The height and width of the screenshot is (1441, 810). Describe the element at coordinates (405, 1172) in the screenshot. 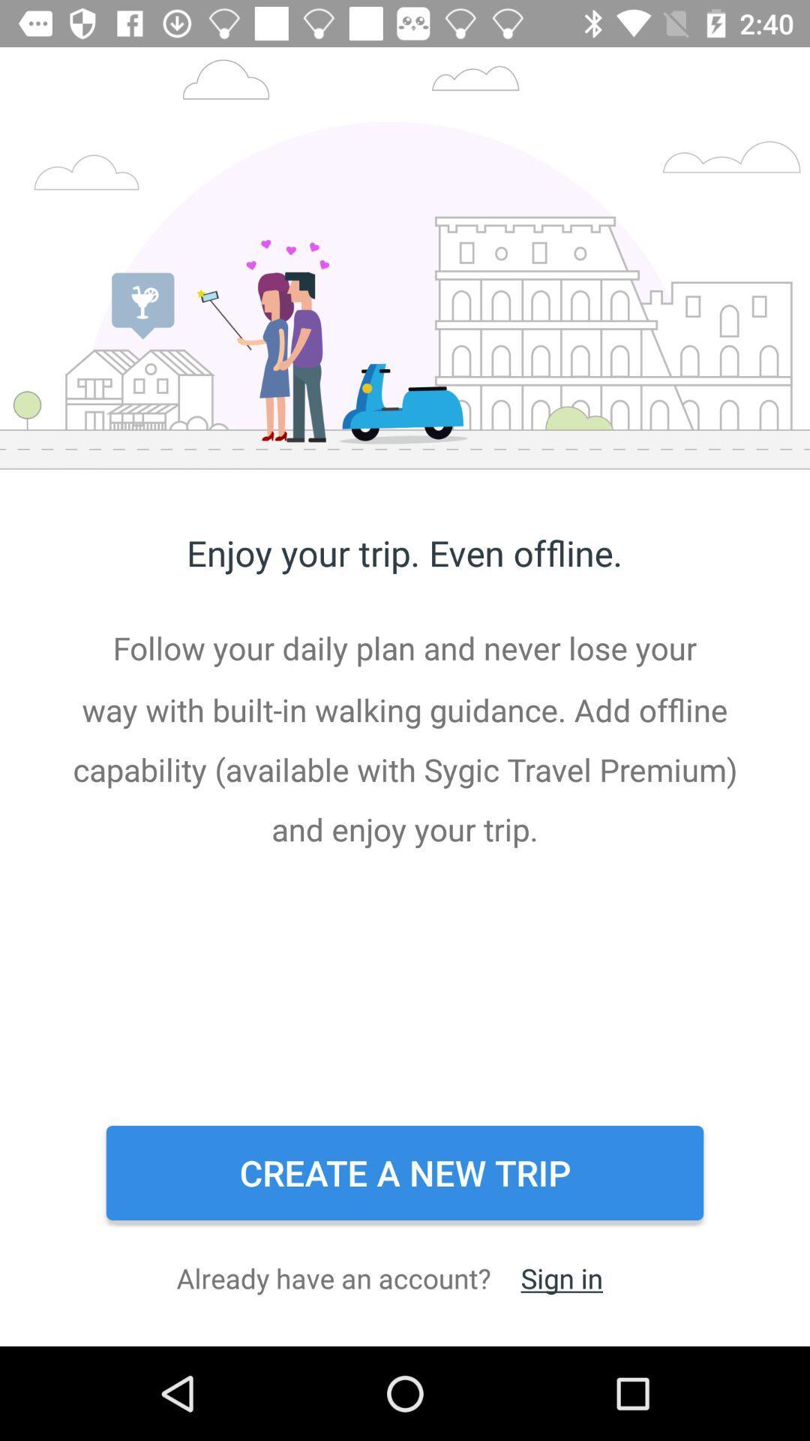

I see `the icon below the follow your daily item` at that location.